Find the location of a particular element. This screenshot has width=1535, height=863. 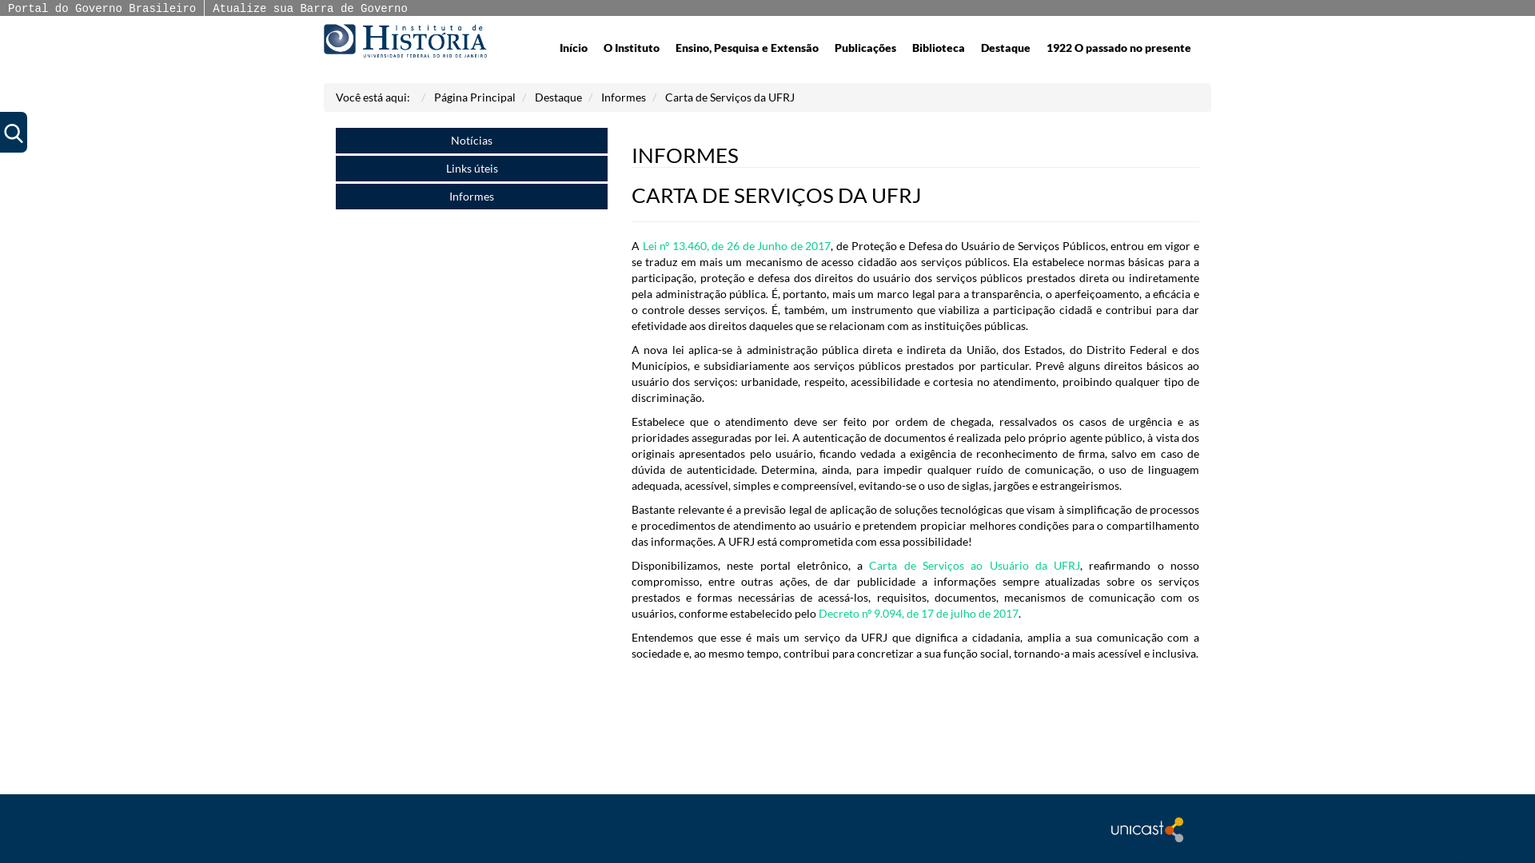

'Atualize sua Barra de Governo' is located at coordinates (310, 9).